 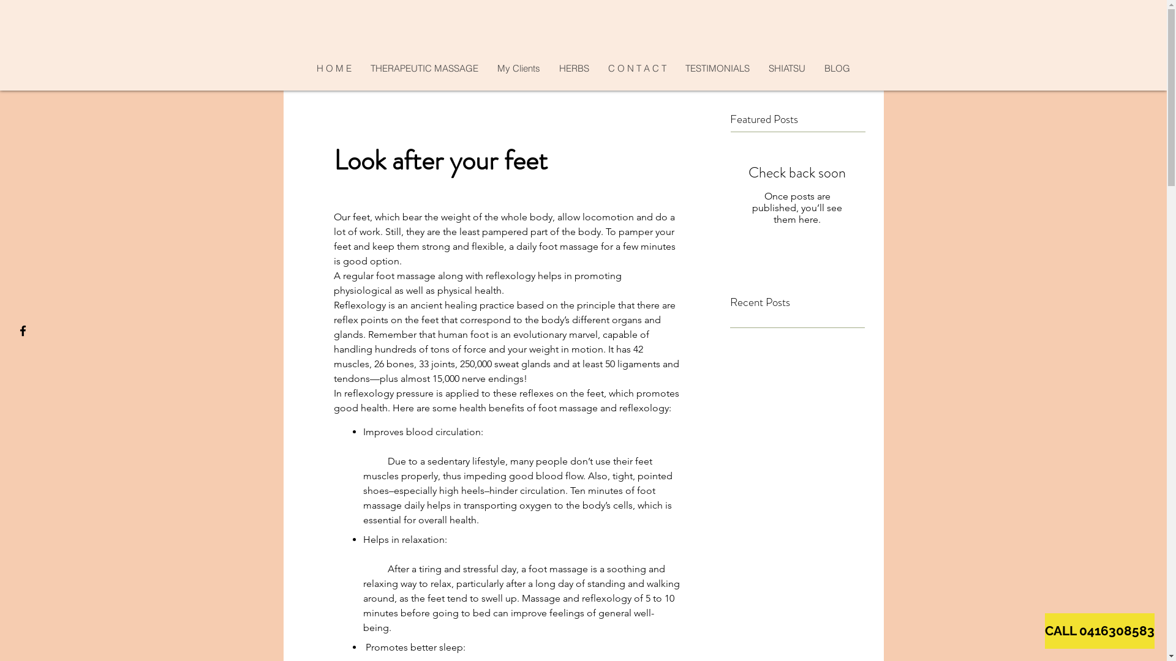 What do you see at coordinates (786, 68) in the screenshot?
I see `'SHIATSU'` at bounding box center [786, 68].